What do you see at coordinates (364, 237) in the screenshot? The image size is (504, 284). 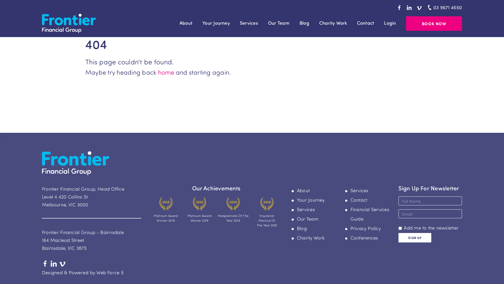 I see `'Conferences'` at bounding box center [364, 237].